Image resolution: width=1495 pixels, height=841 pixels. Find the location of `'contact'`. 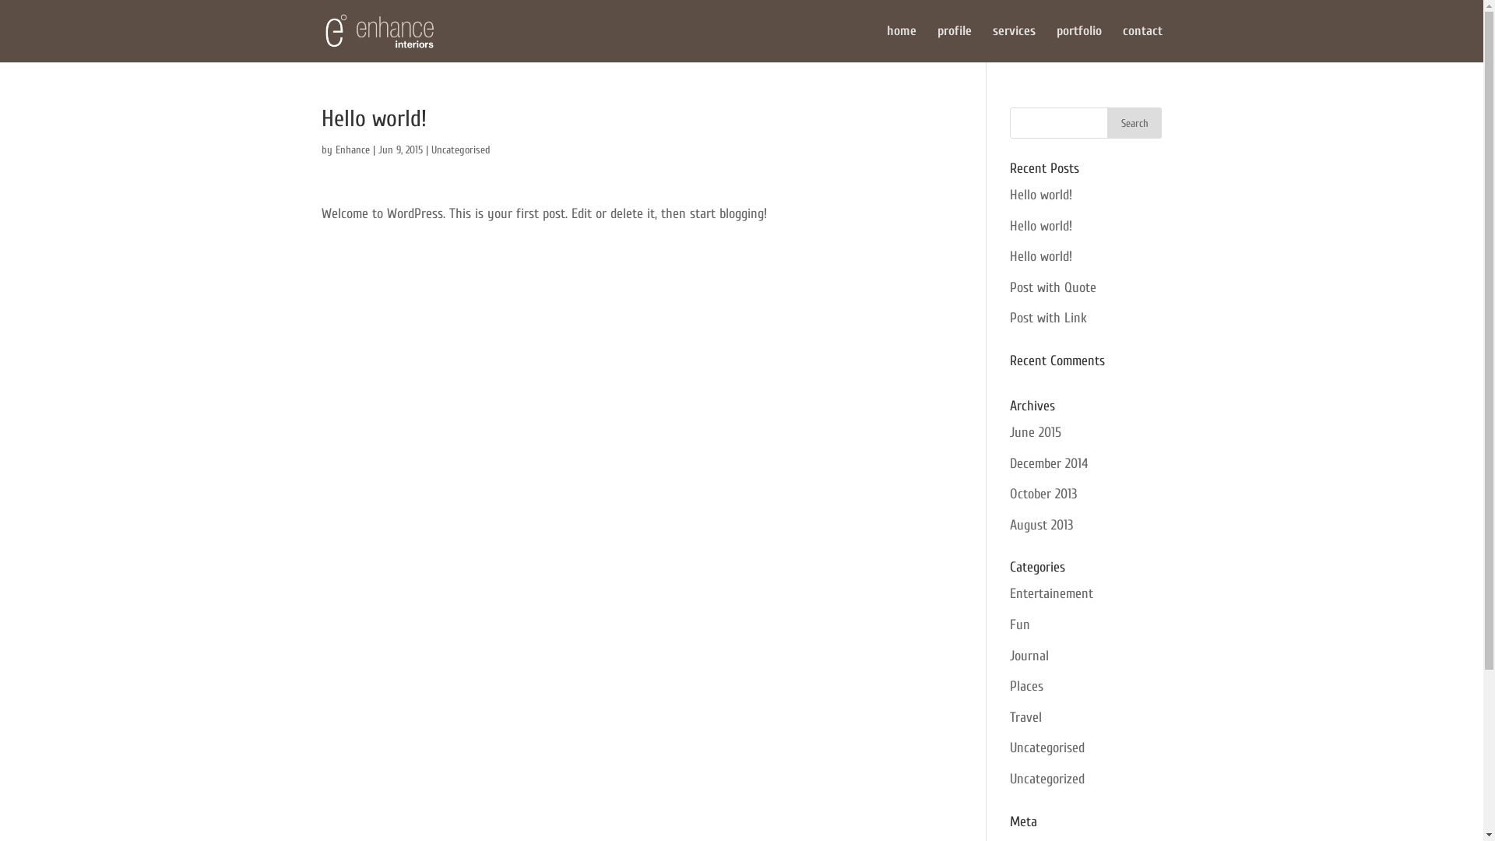

'contact' is located at coordinates (1142, 43).